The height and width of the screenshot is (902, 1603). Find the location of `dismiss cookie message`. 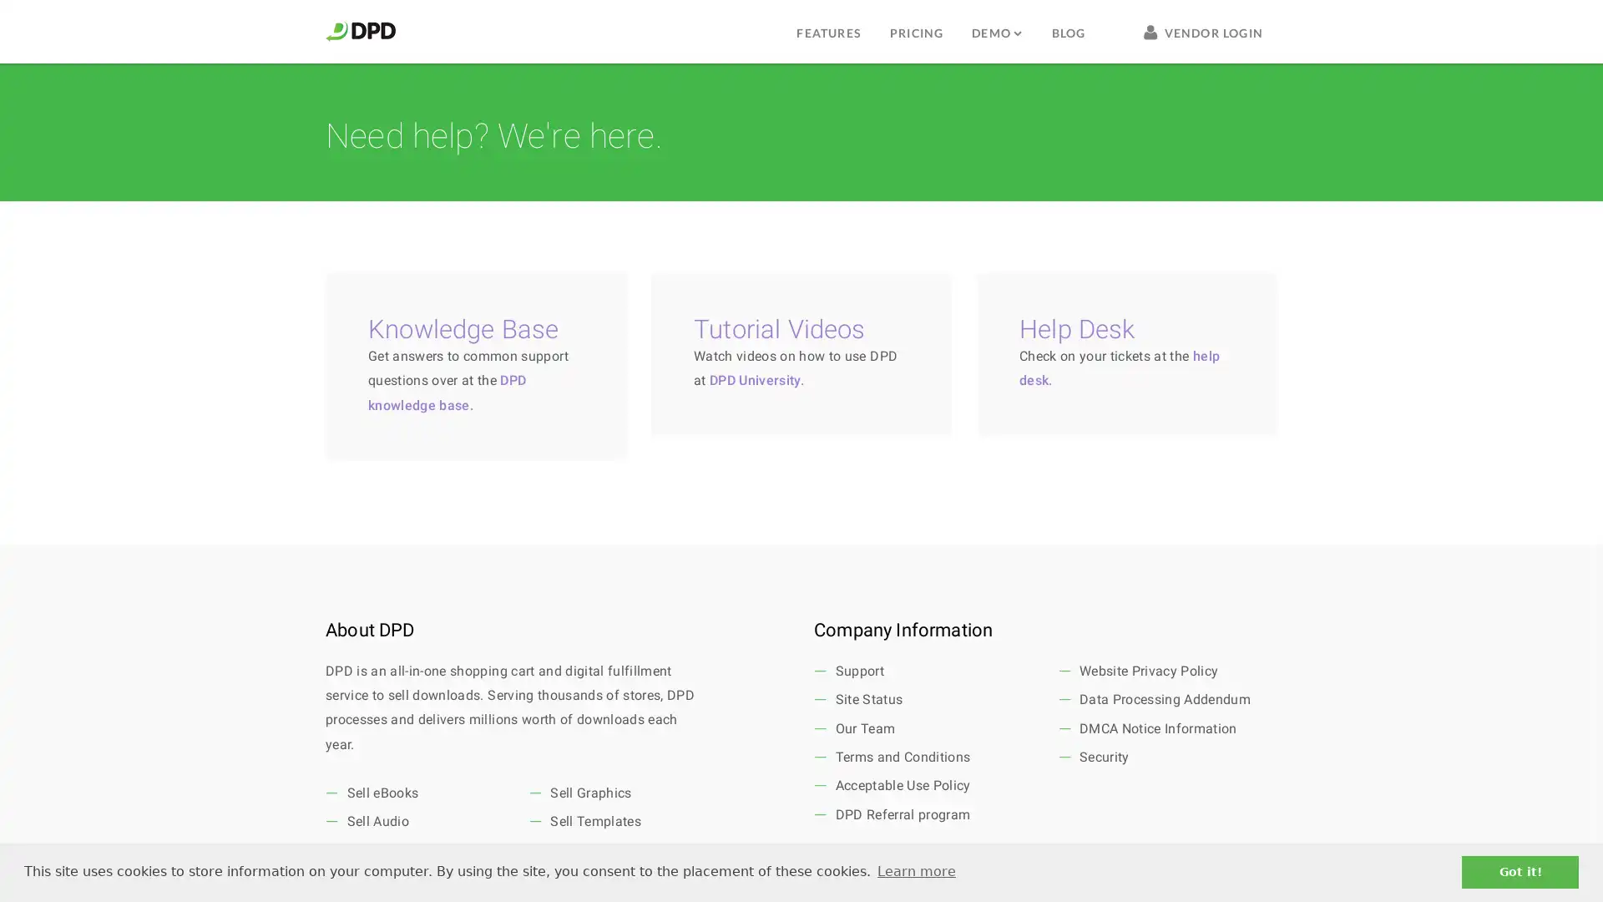

dismiss cookie message is located at coordinates (1520, 871).